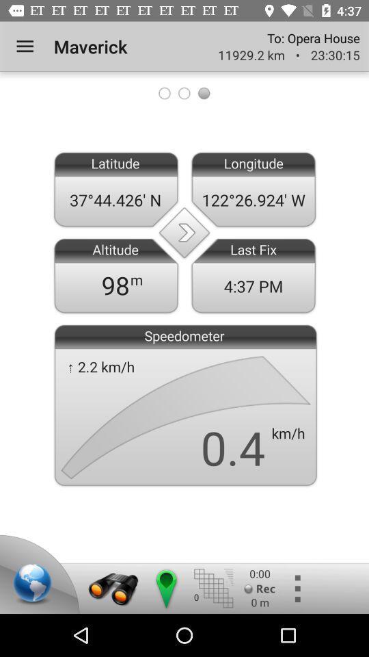 Image resolution: width=369 pixels, height=657 pixels. What do you see at coordinates (296, 588) in the screenshot?
I see `more options` at bounding box center [296, 588].